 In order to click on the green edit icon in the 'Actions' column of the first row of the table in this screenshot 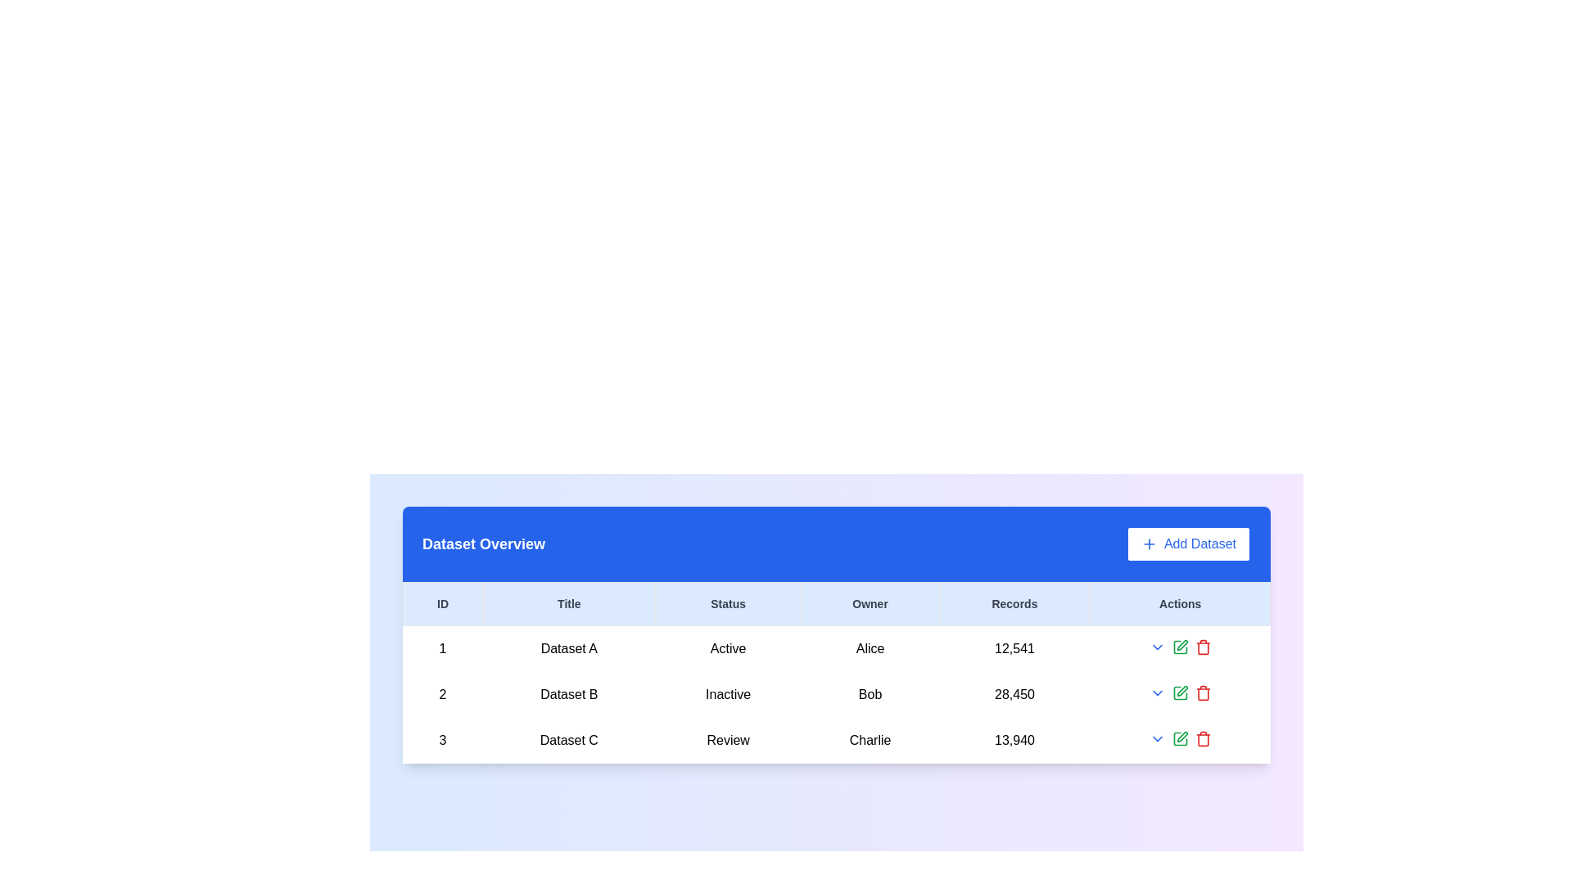, I will do `click(1180, 646)`.